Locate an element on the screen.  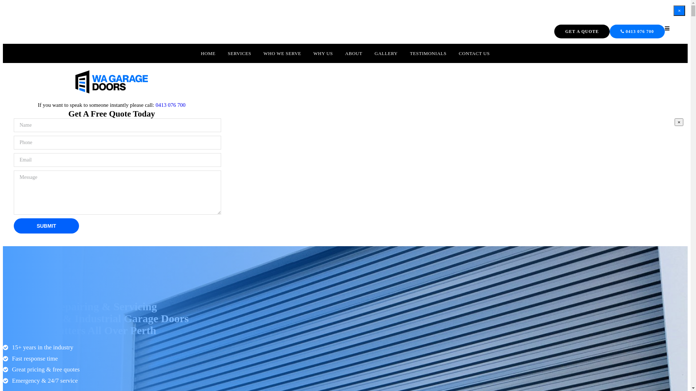
'HOME' is located at coordinates (208, 53).